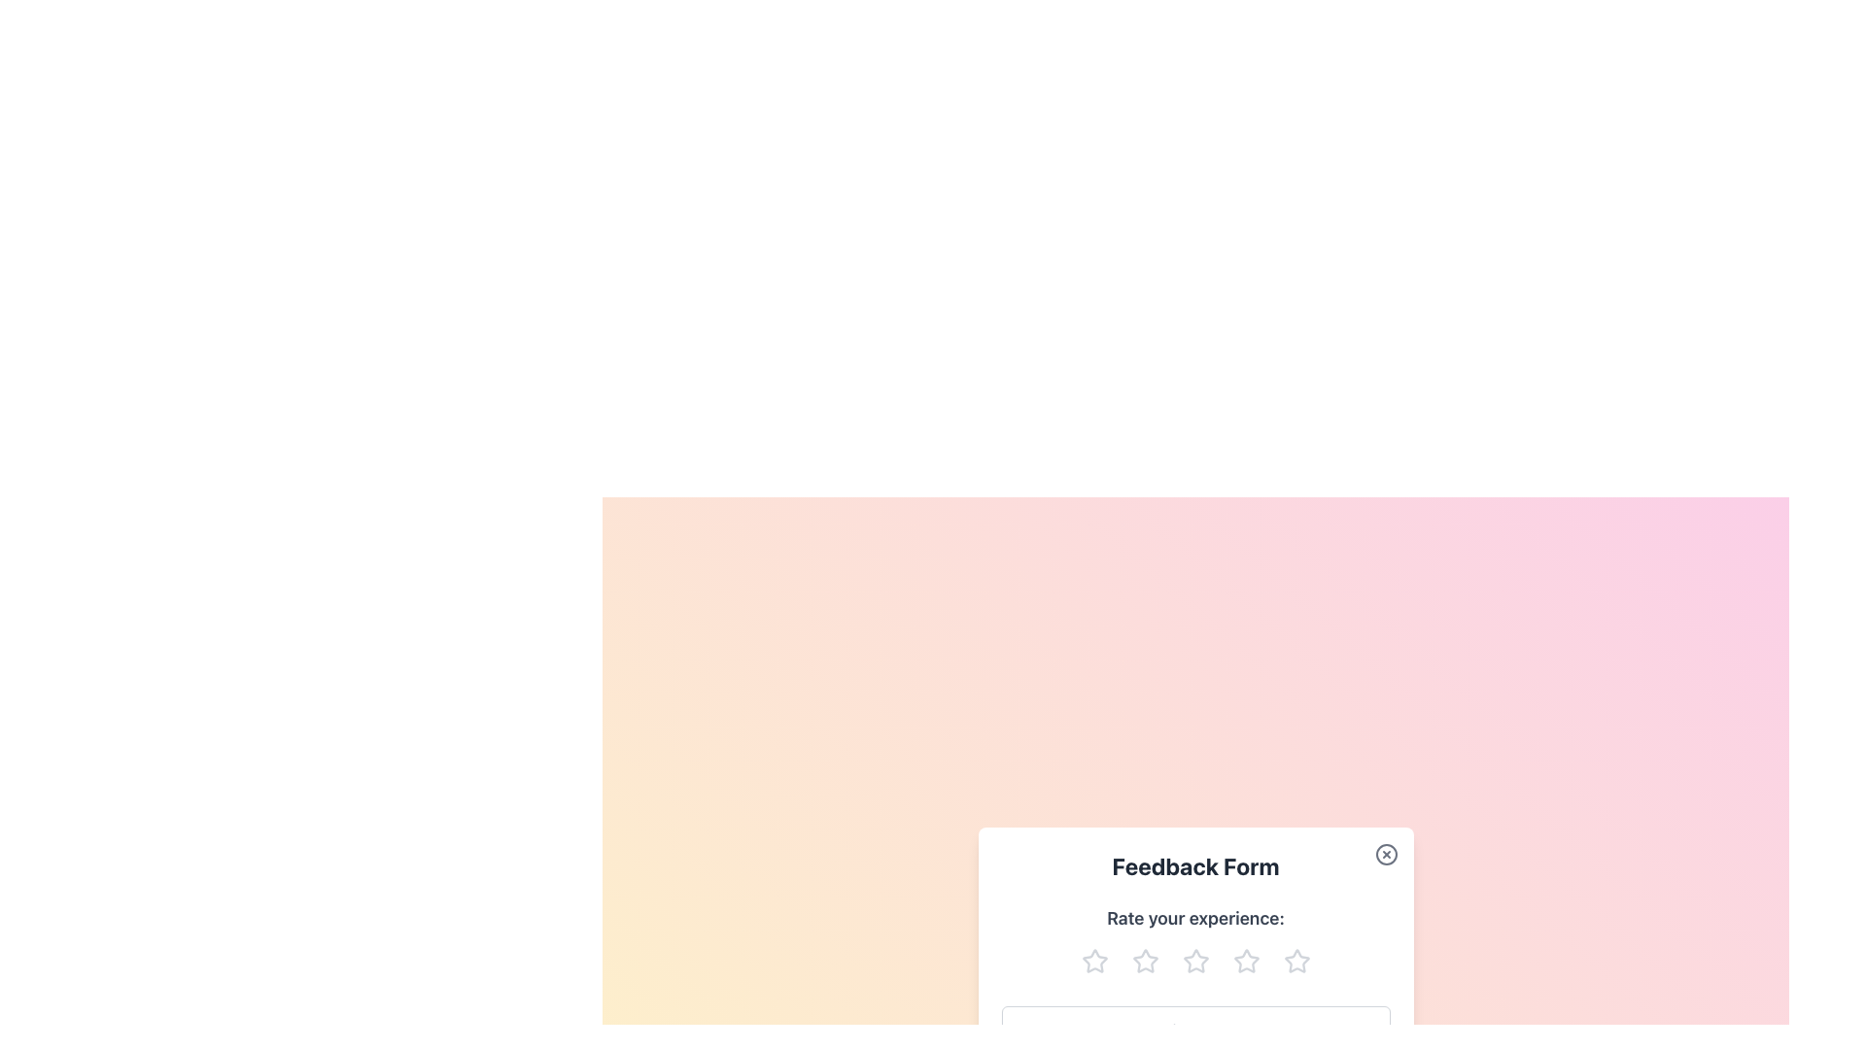 The image size is (1866, 1049). I want to click on the circular button with a grey border and centered 'X' icon at the top-right corner of the 'Feedback Form', so click(1385, 853).